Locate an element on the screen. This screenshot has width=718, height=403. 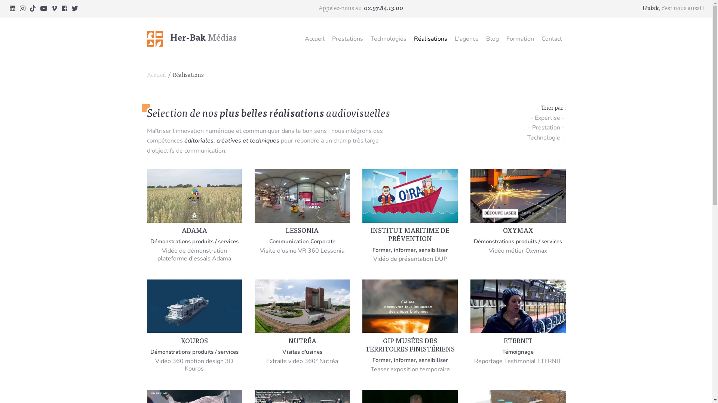
'Retrouvez nous sur Instagram' is located at coordinates (22, 8).